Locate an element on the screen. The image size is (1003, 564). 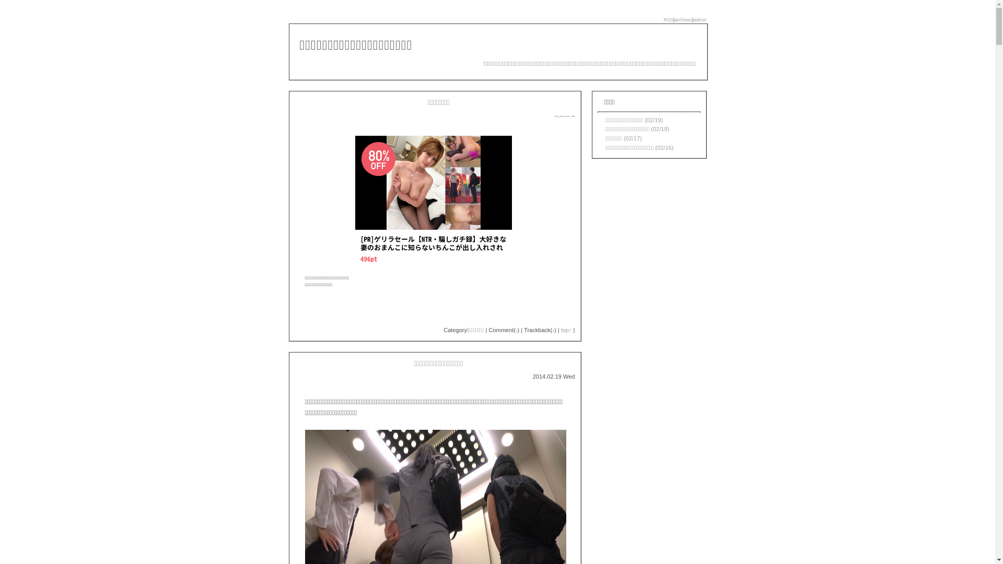
'archives' is located at coordinates (683, 20).